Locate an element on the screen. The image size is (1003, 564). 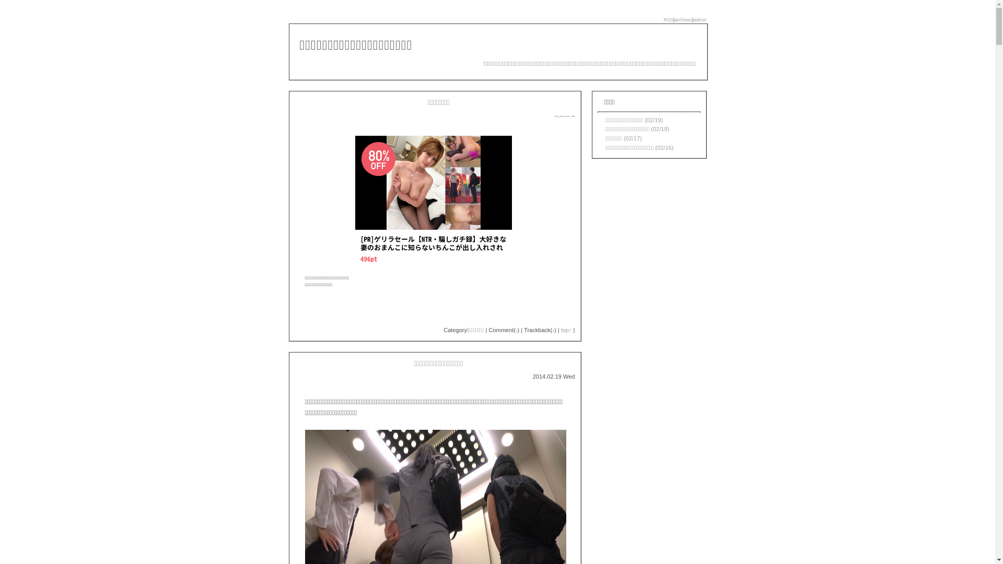
'archives' is located at coordinates (683, 20).